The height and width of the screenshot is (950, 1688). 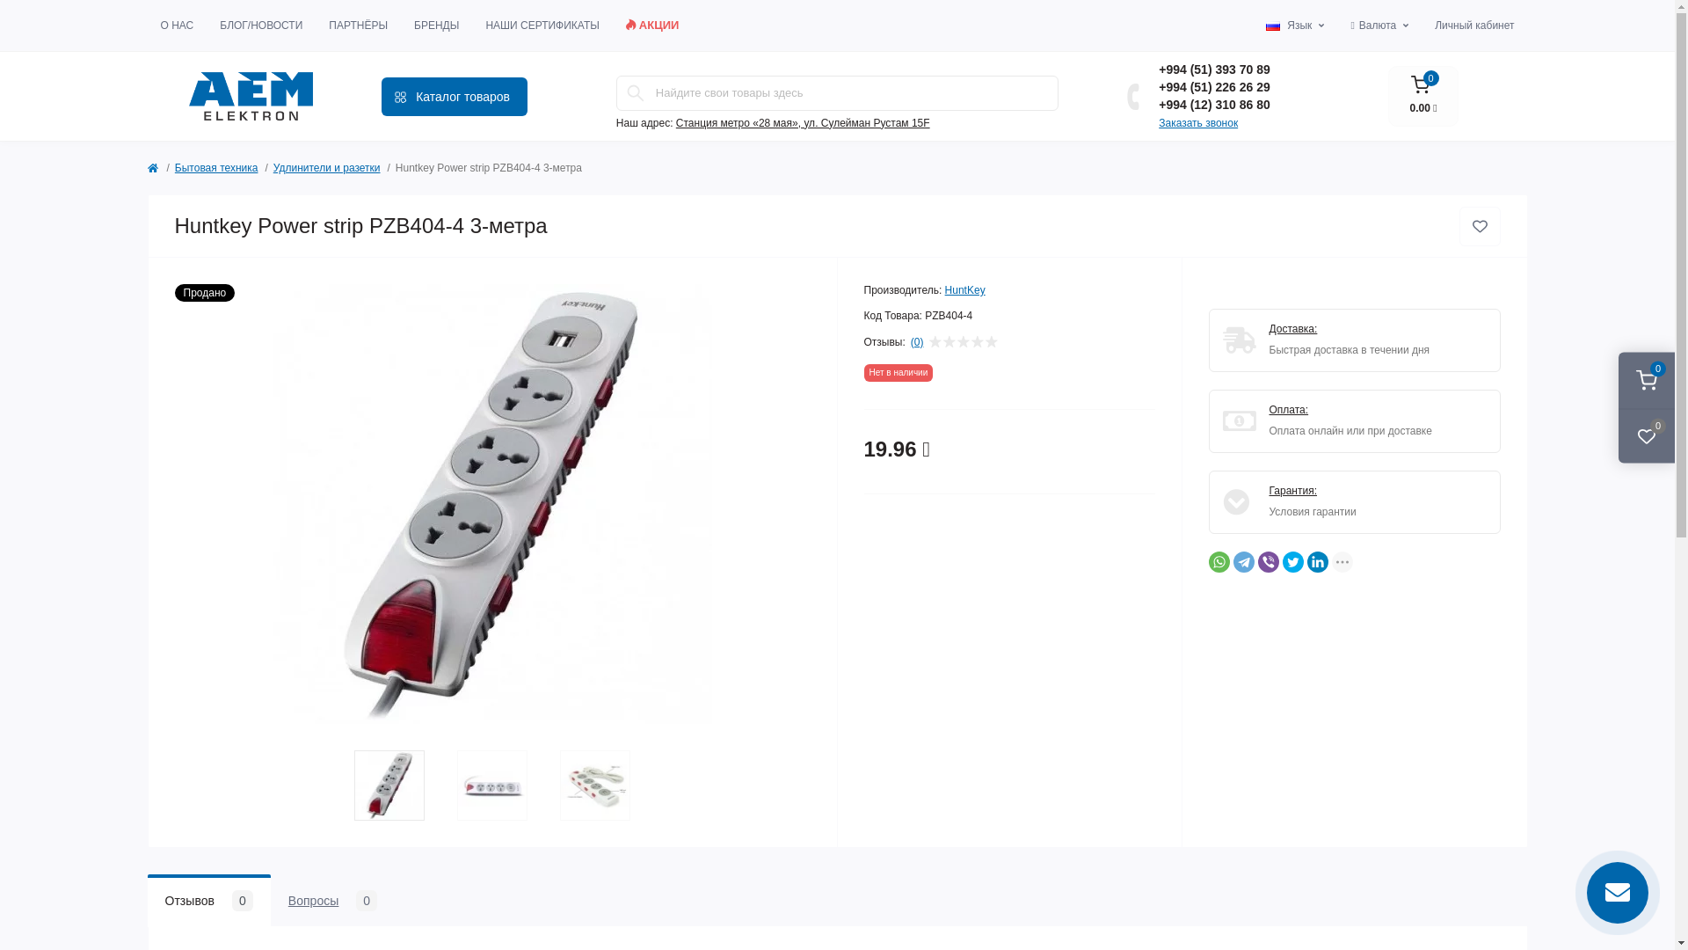 What do you see at coordinates (1645, 379) in the screenshot?
I see `'0'` at bounding box center [1645, 379].